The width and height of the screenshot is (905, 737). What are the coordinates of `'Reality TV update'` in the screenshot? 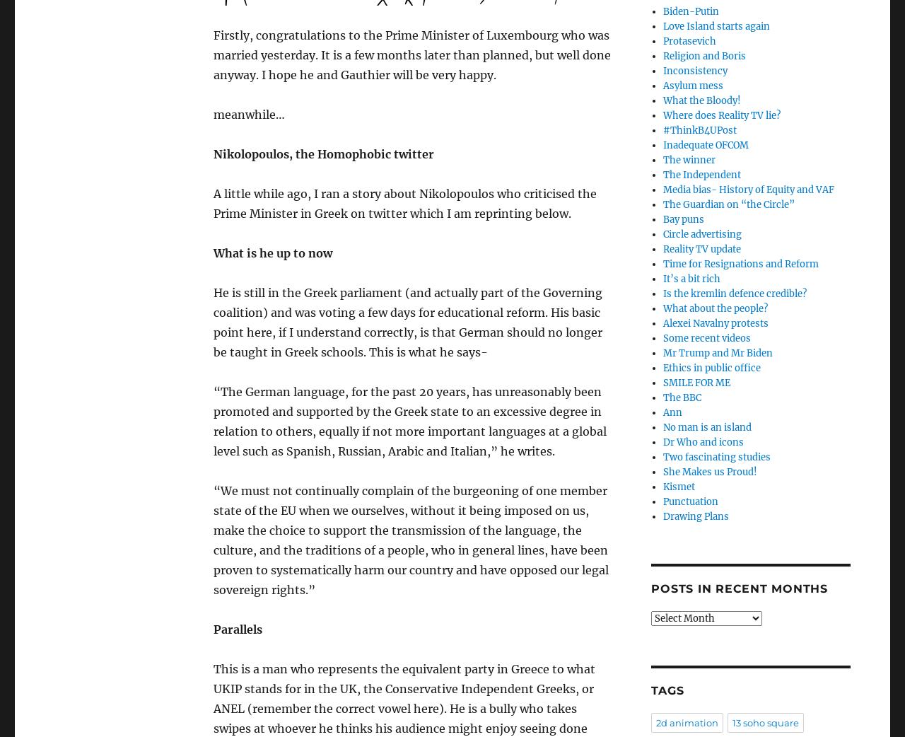 It's located at (701, 248).